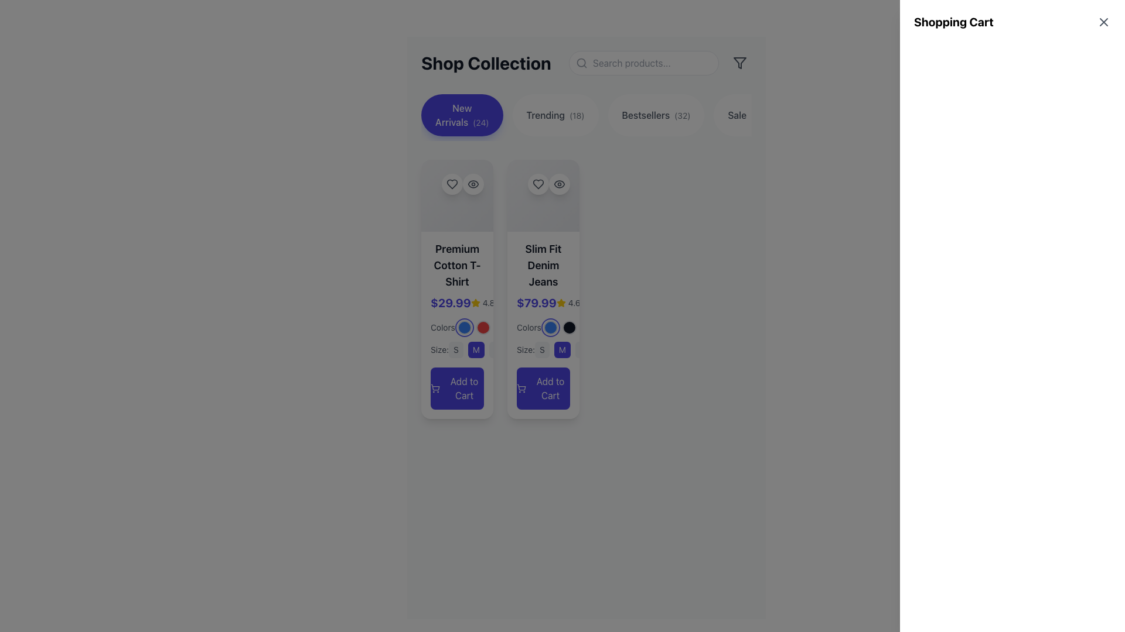 The width and height of the screenshot is (1125, 632). What do you see at coordinates (452, 184) in the screenshot?
I see `the circular button with a filled white background and a heart-shaped icon to like or favorite the Premium Cotton T-Shirt item` at bounding box center [452, 184].